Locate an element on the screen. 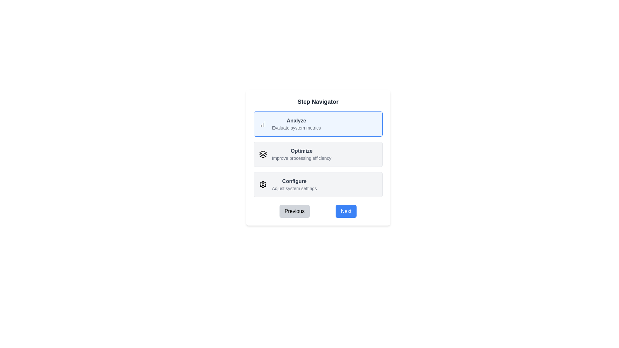  the third selectable option in the vertically stacked list for adjusting system configuration settings, located below the 'Optimize' option is located at coordinates (318, 185).